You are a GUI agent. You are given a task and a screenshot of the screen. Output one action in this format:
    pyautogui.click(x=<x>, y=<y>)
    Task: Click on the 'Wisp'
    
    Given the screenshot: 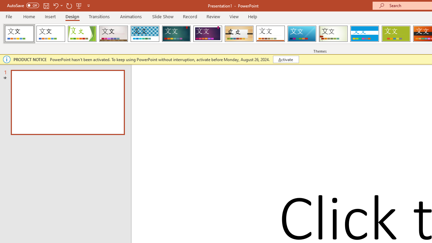 What is the action you would take?
    pyautogui.click(x=333, y=34)
    